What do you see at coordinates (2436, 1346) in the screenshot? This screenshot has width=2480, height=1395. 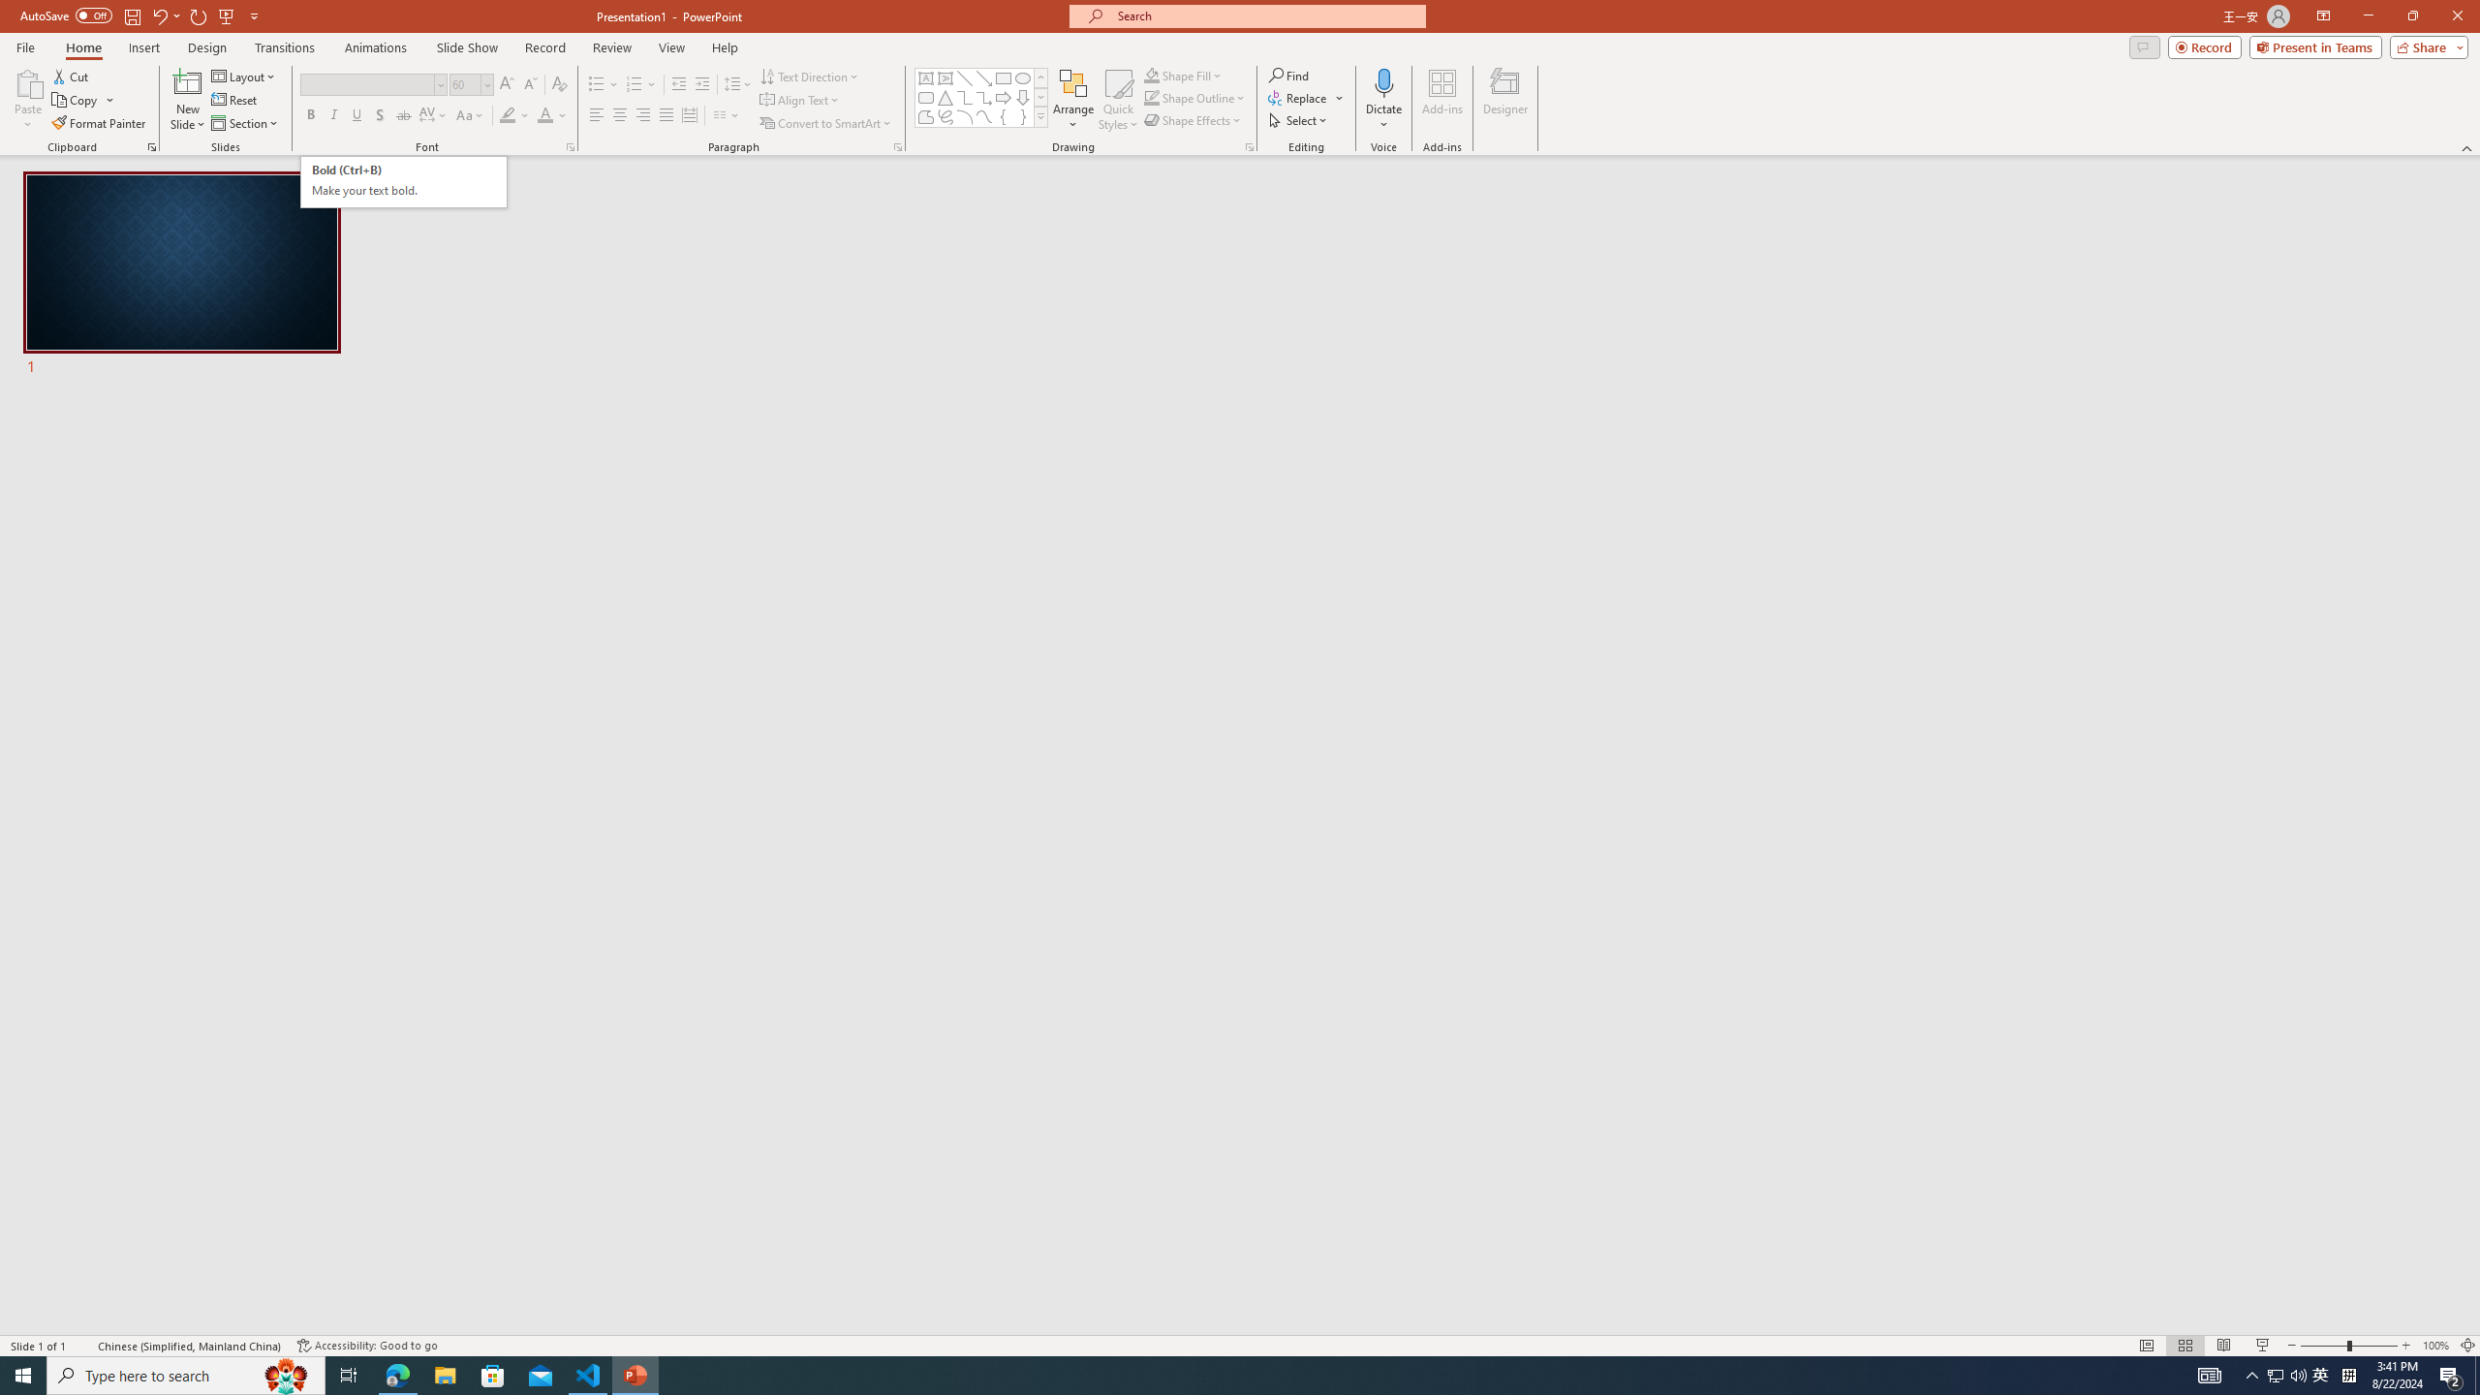 I see `'Zoom 100%'` at bounding box center [2436, 1346].